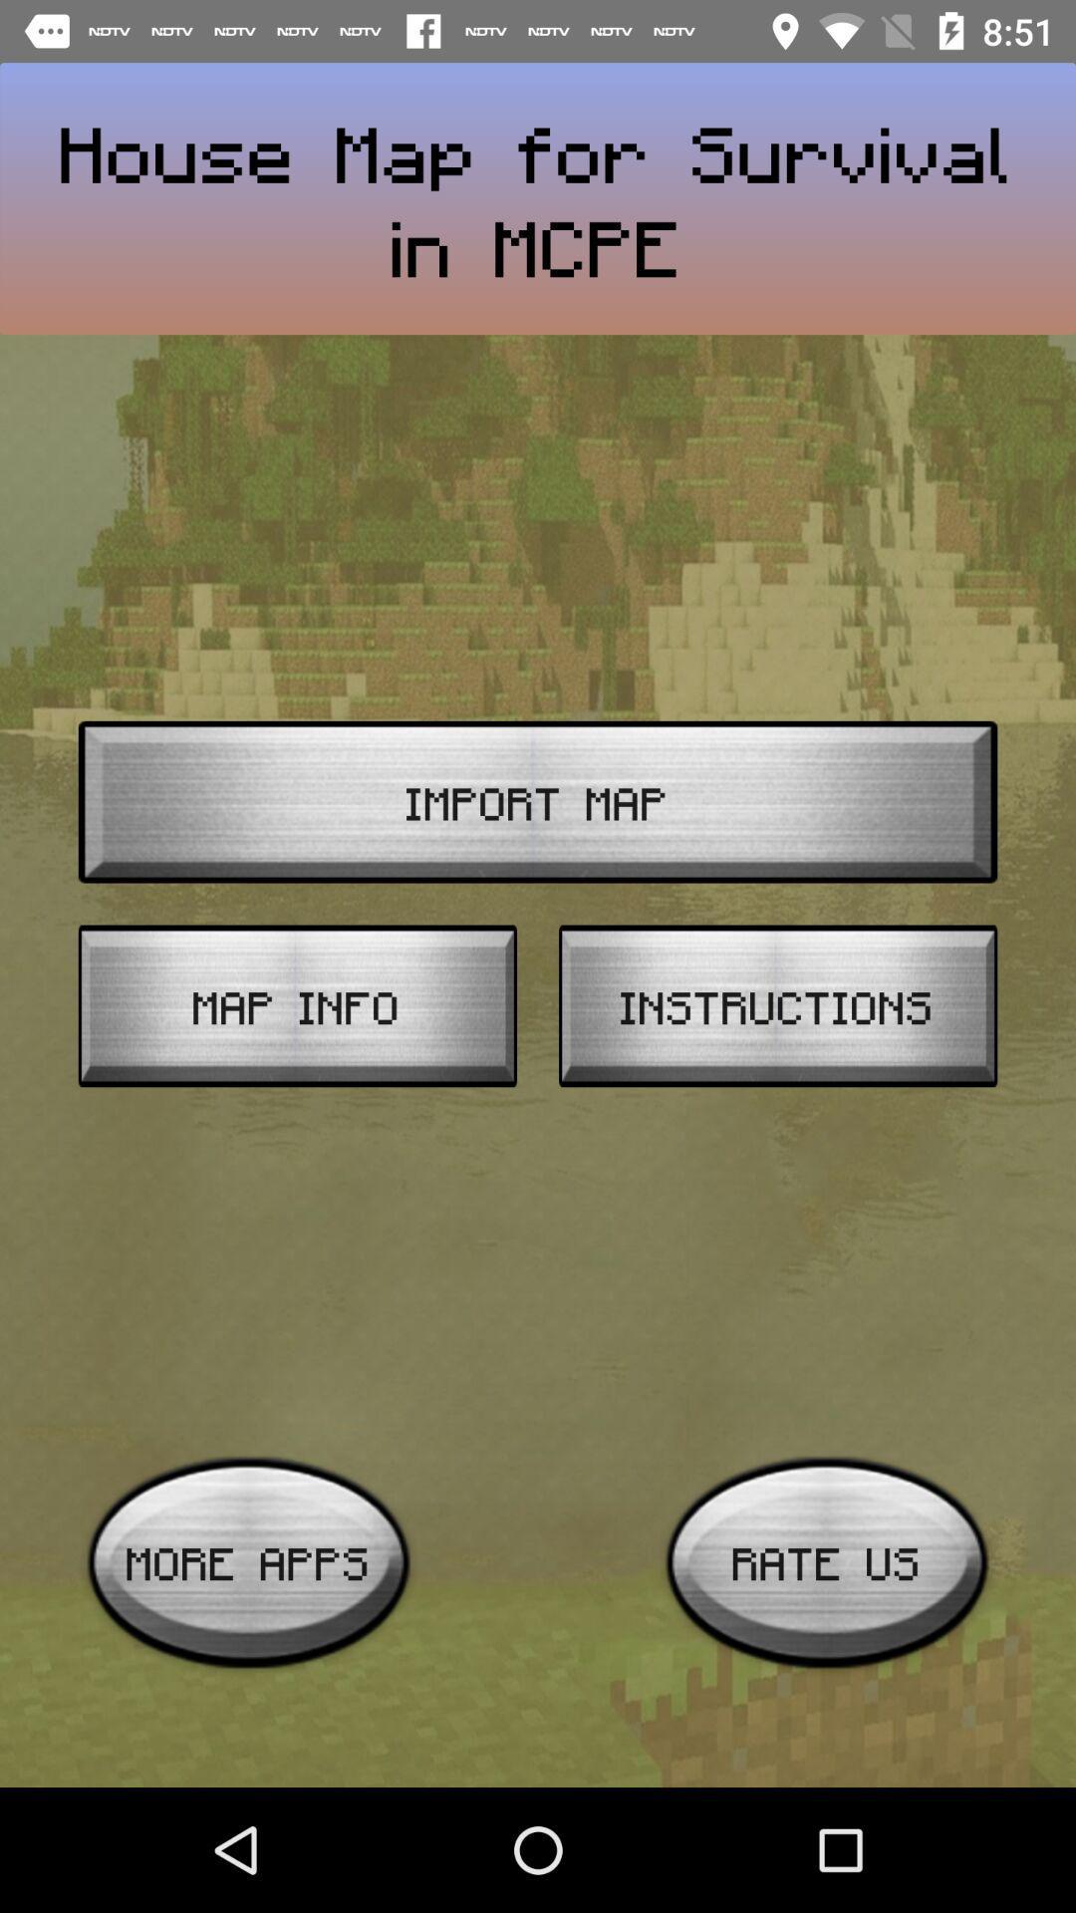 The width and height of the screenshot is (1076, 1913). I want to click on map info icon, so click(297, 1005).